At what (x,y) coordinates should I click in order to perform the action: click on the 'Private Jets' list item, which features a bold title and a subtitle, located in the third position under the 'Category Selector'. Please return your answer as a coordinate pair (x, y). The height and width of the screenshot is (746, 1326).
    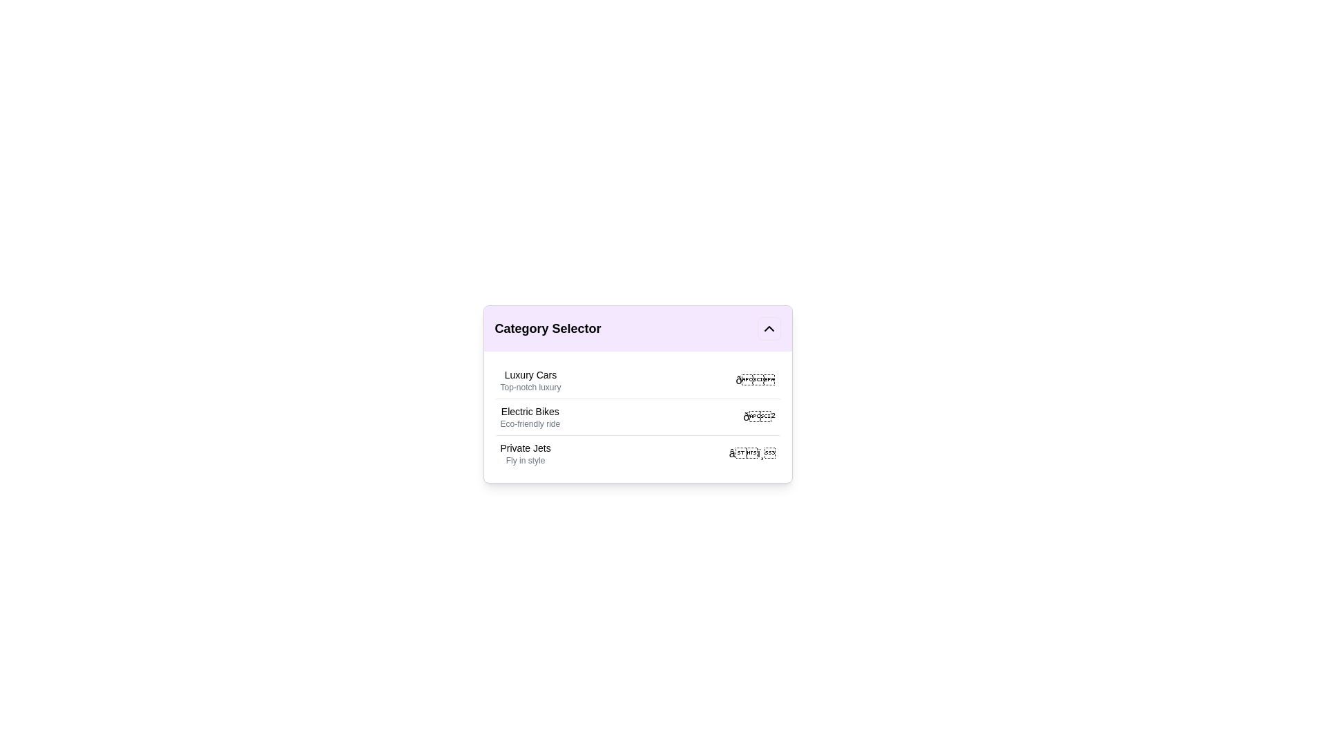
    Looking at the image, I should click on (637, 453).